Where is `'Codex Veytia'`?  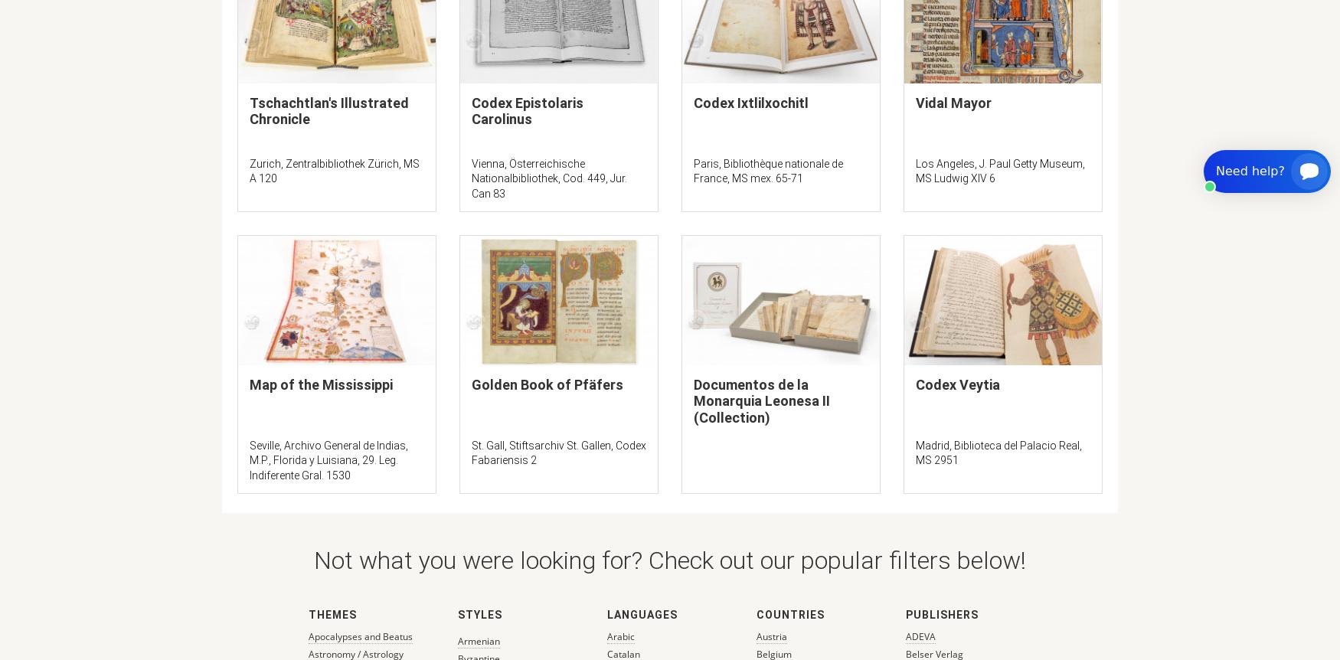 'Codex Veytia' is located at coordinates (915, 384).